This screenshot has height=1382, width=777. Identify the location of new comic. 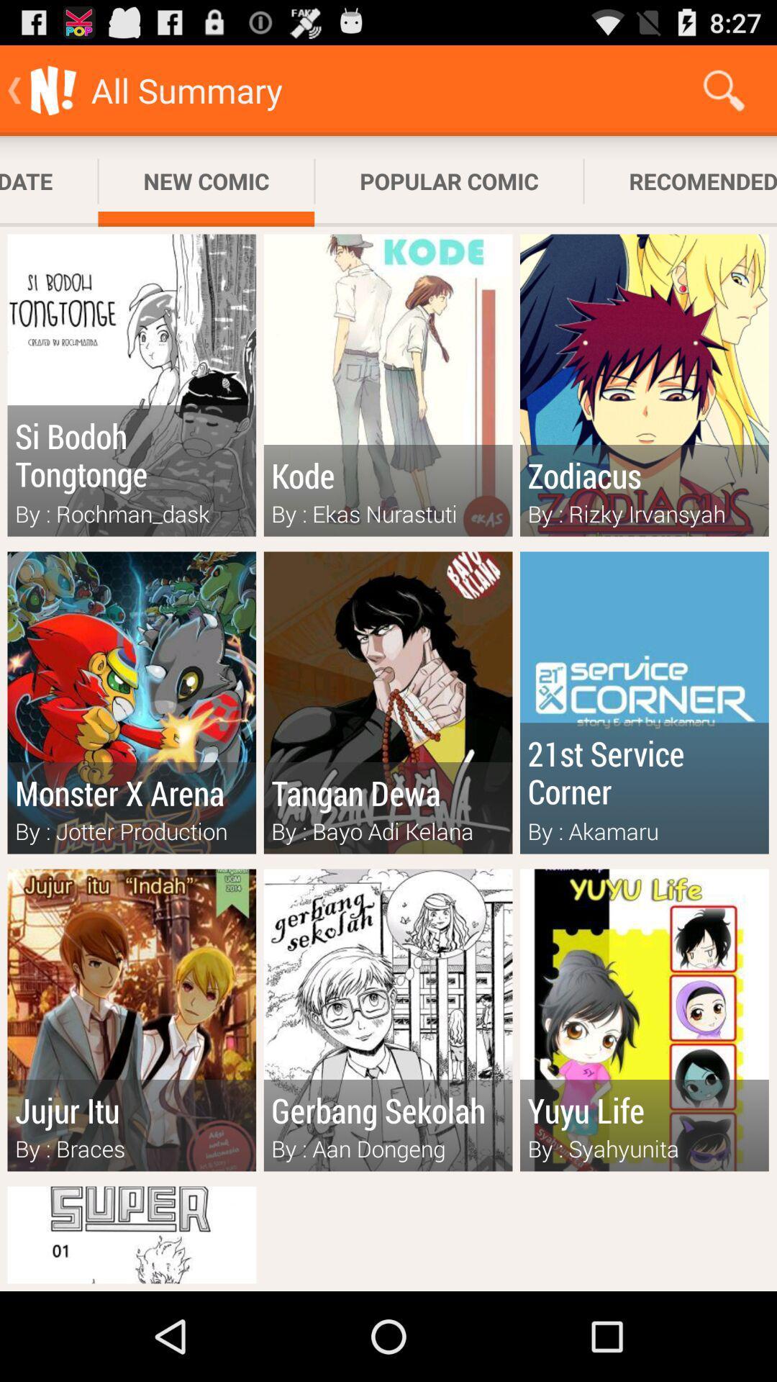
(206, 181).